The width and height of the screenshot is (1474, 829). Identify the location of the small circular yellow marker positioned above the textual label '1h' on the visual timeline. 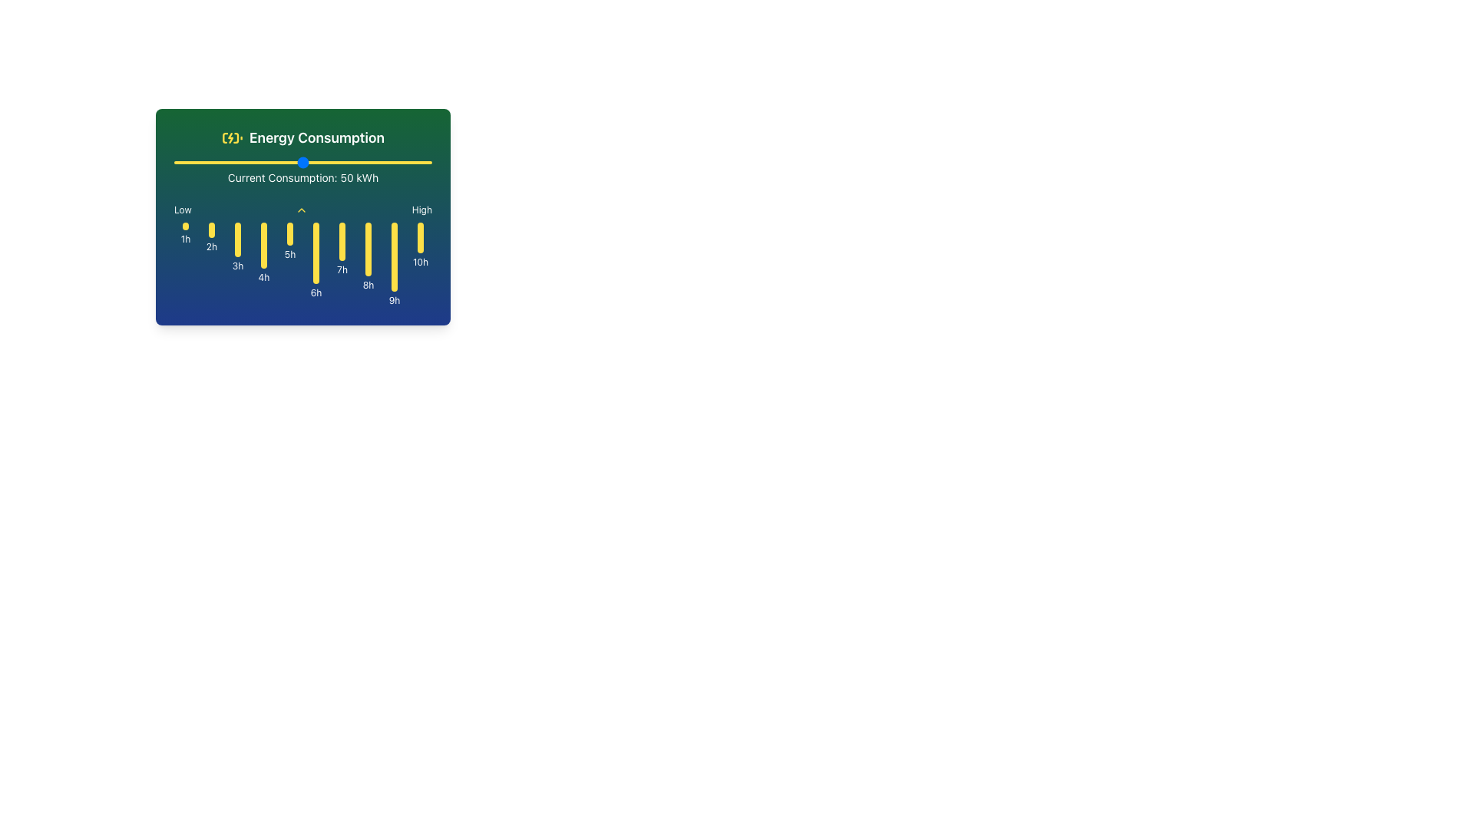
(184, 226).